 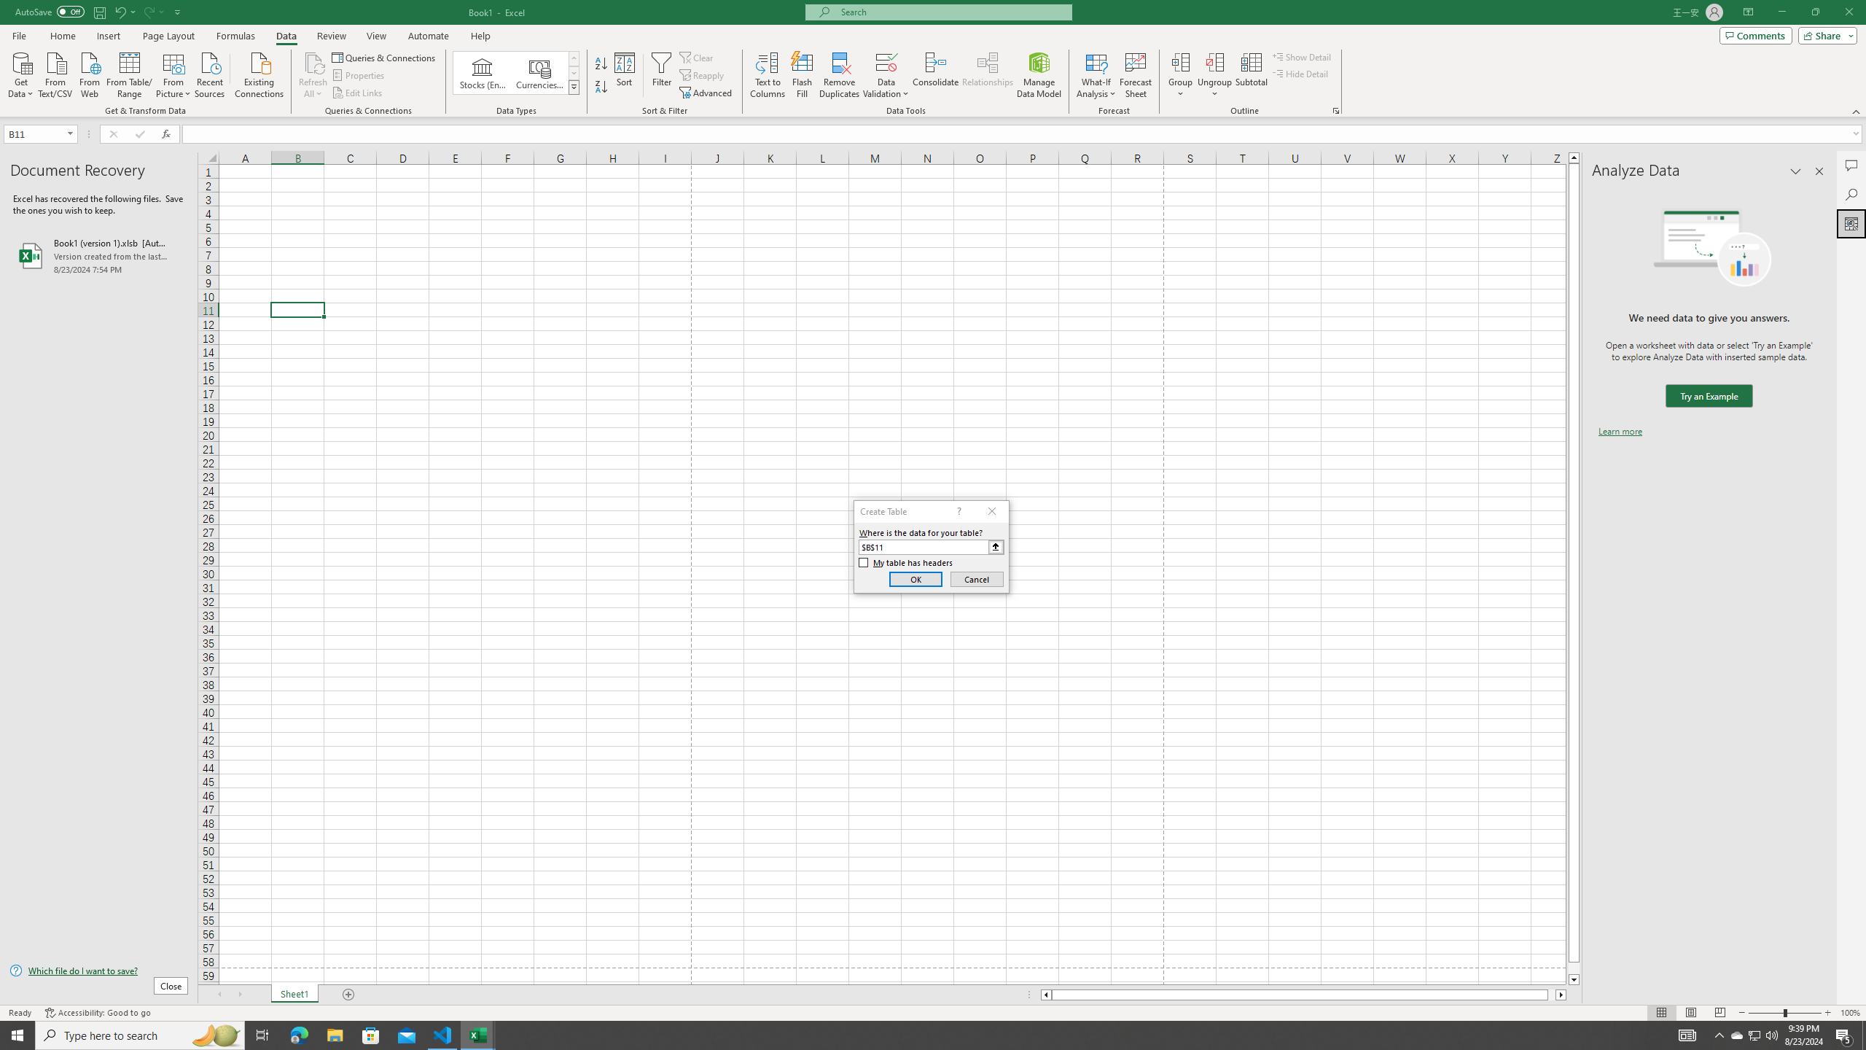 I want to click on 'We need data to give you answers. Try an Example', so click(x=1708, y=396).